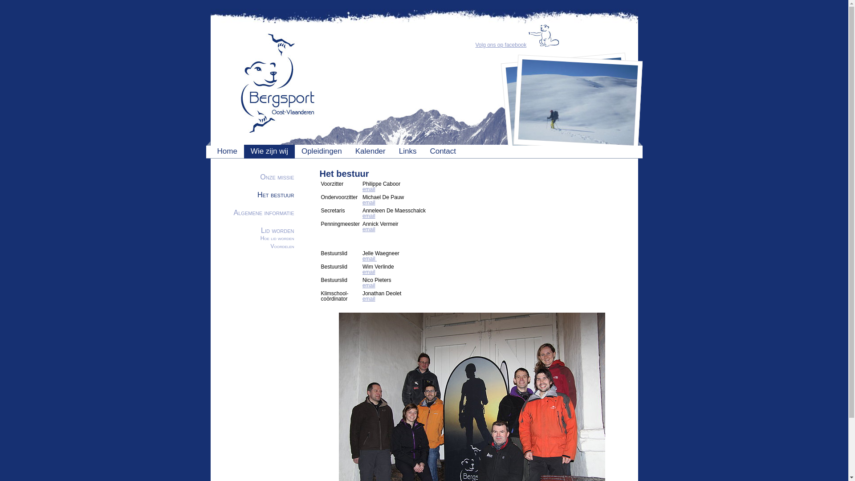  I want to click on 'Het bestuur', so click(275, 194).